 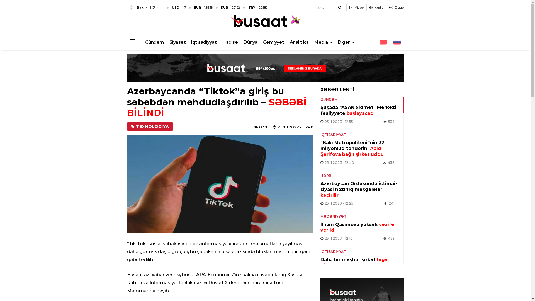 What do you see at coordinates (217, 8) in the screenshot?
I see `'USD` at bounding box center [217, 8].